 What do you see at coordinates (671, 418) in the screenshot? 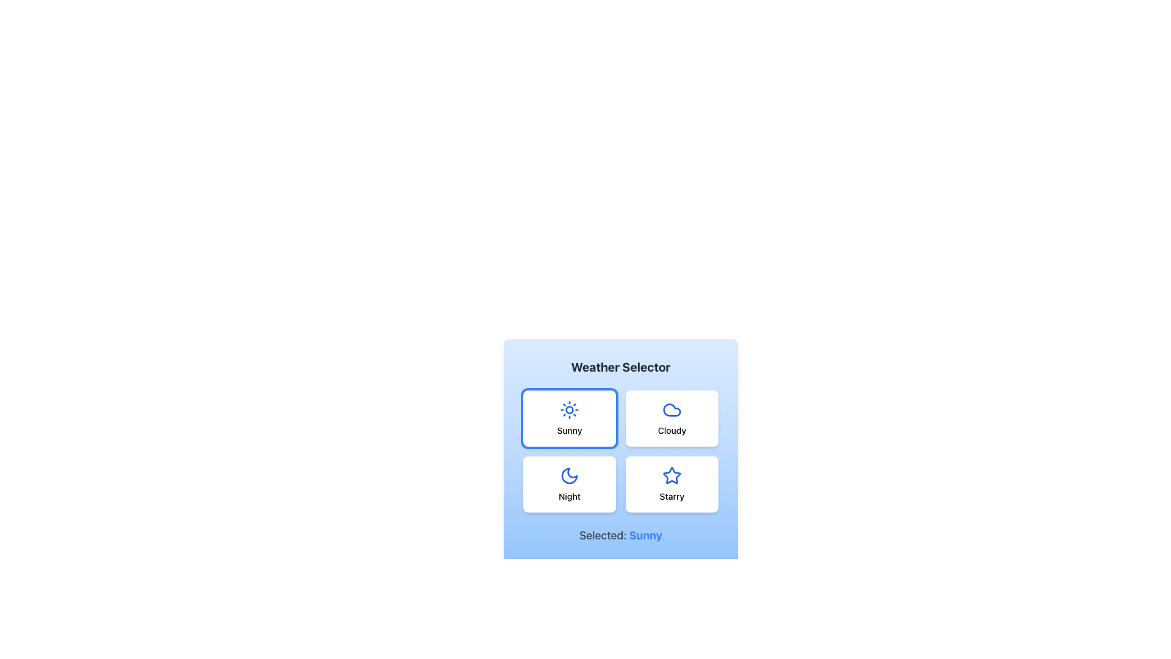
I see `the 'Cloudy' button, which is a rectangular button with rounded corners and a cloud icon` at bounding box center [671, 418].